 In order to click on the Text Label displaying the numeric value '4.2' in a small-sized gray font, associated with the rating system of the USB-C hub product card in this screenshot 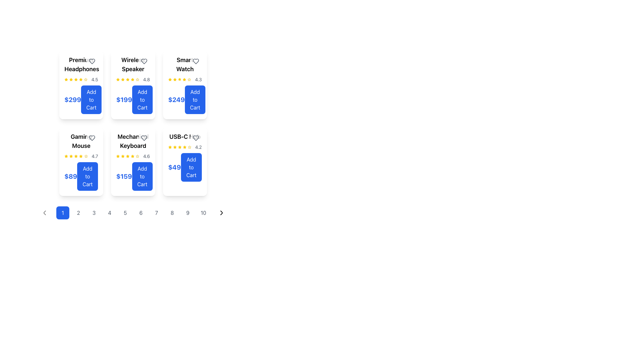, I will do `click(198, 147)`.